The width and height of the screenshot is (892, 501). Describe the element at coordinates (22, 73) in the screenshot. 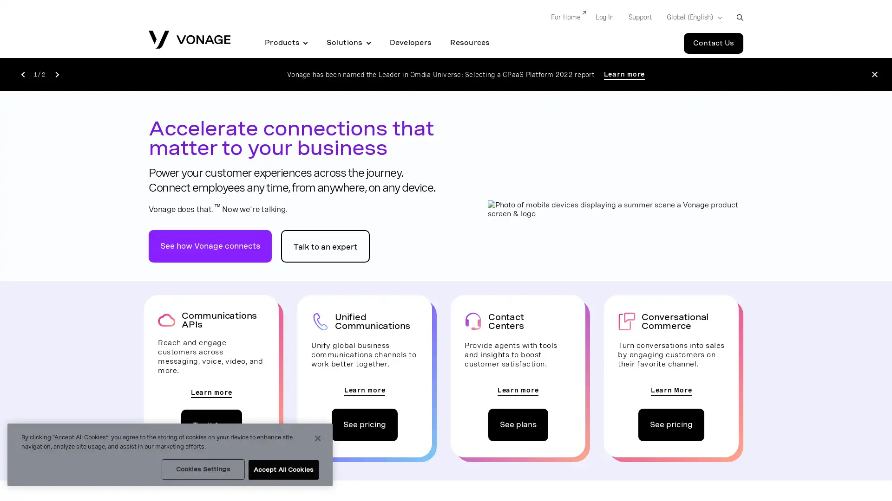

I see `Go to the previous announcement` at that location.